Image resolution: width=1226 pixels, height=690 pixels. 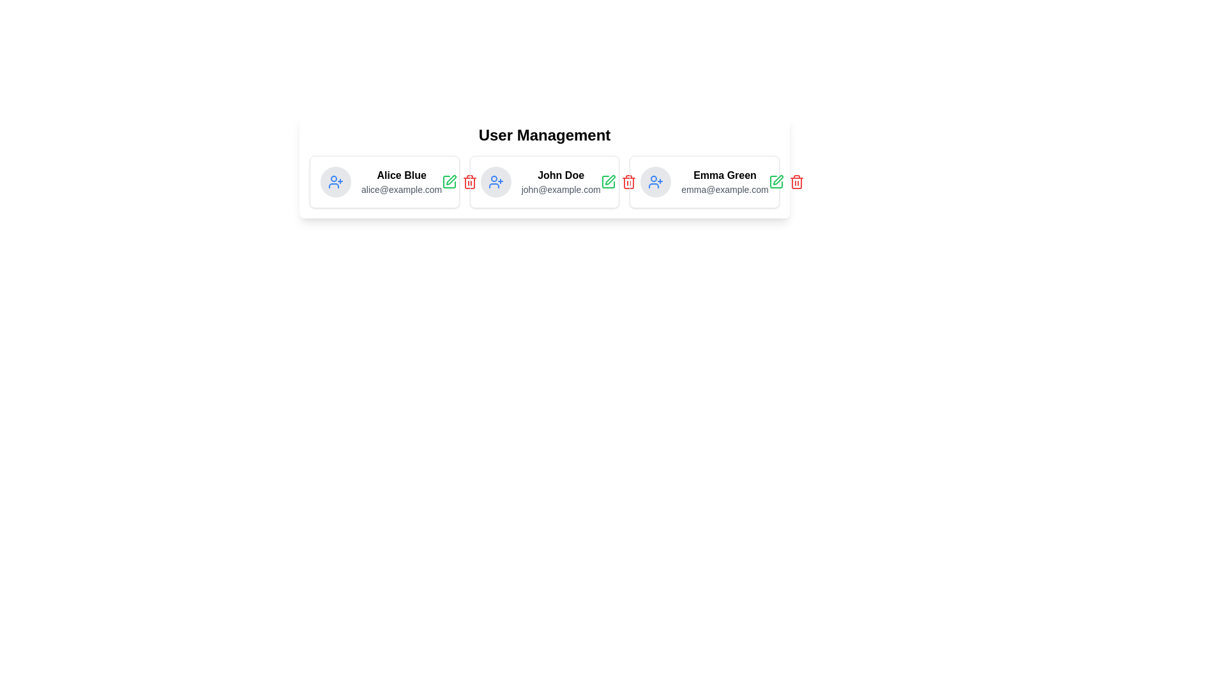 I want to click on the rounded gray button with a light blue user icon located at the left side of the row displaying details about Emma Green, so click(x=656, y=182).